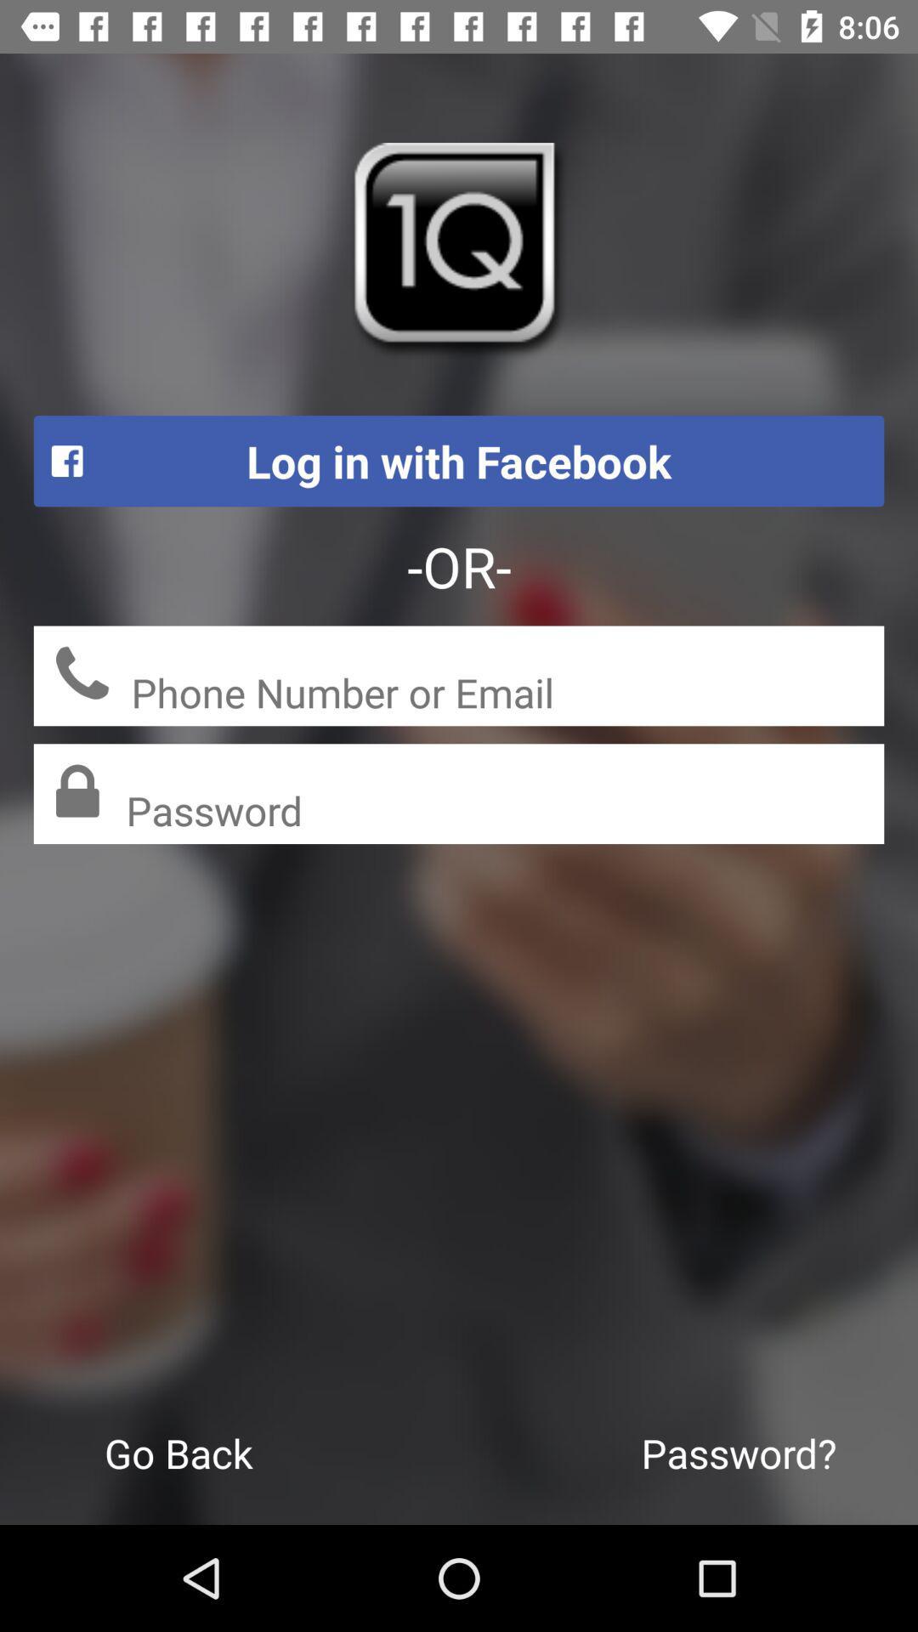 This screenshot has height=1632, width=918. What do you see at coordinates (504, 811) in the screenshot?
I see `item above the go back` at bounding box center [504, 811].